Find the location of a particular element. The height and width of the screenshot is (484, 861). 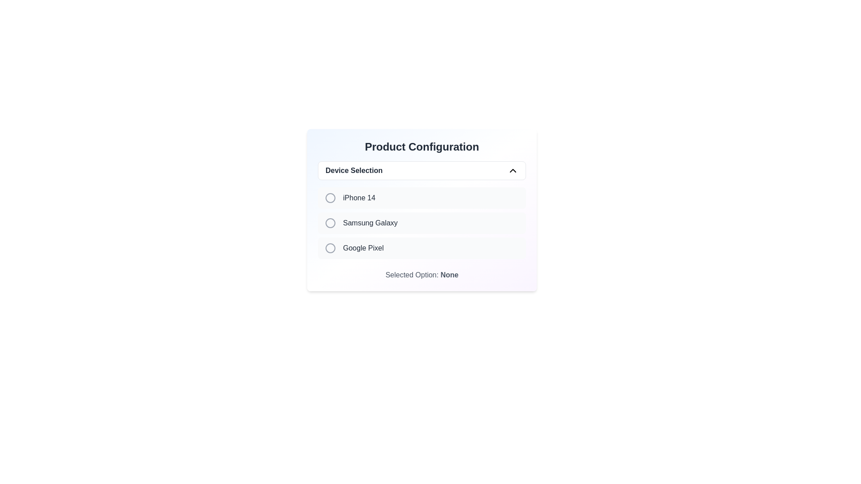

the unselected circular radio button for the 'Google Pixel' option, which is the third item in the list is located at coordinates (421, 248).